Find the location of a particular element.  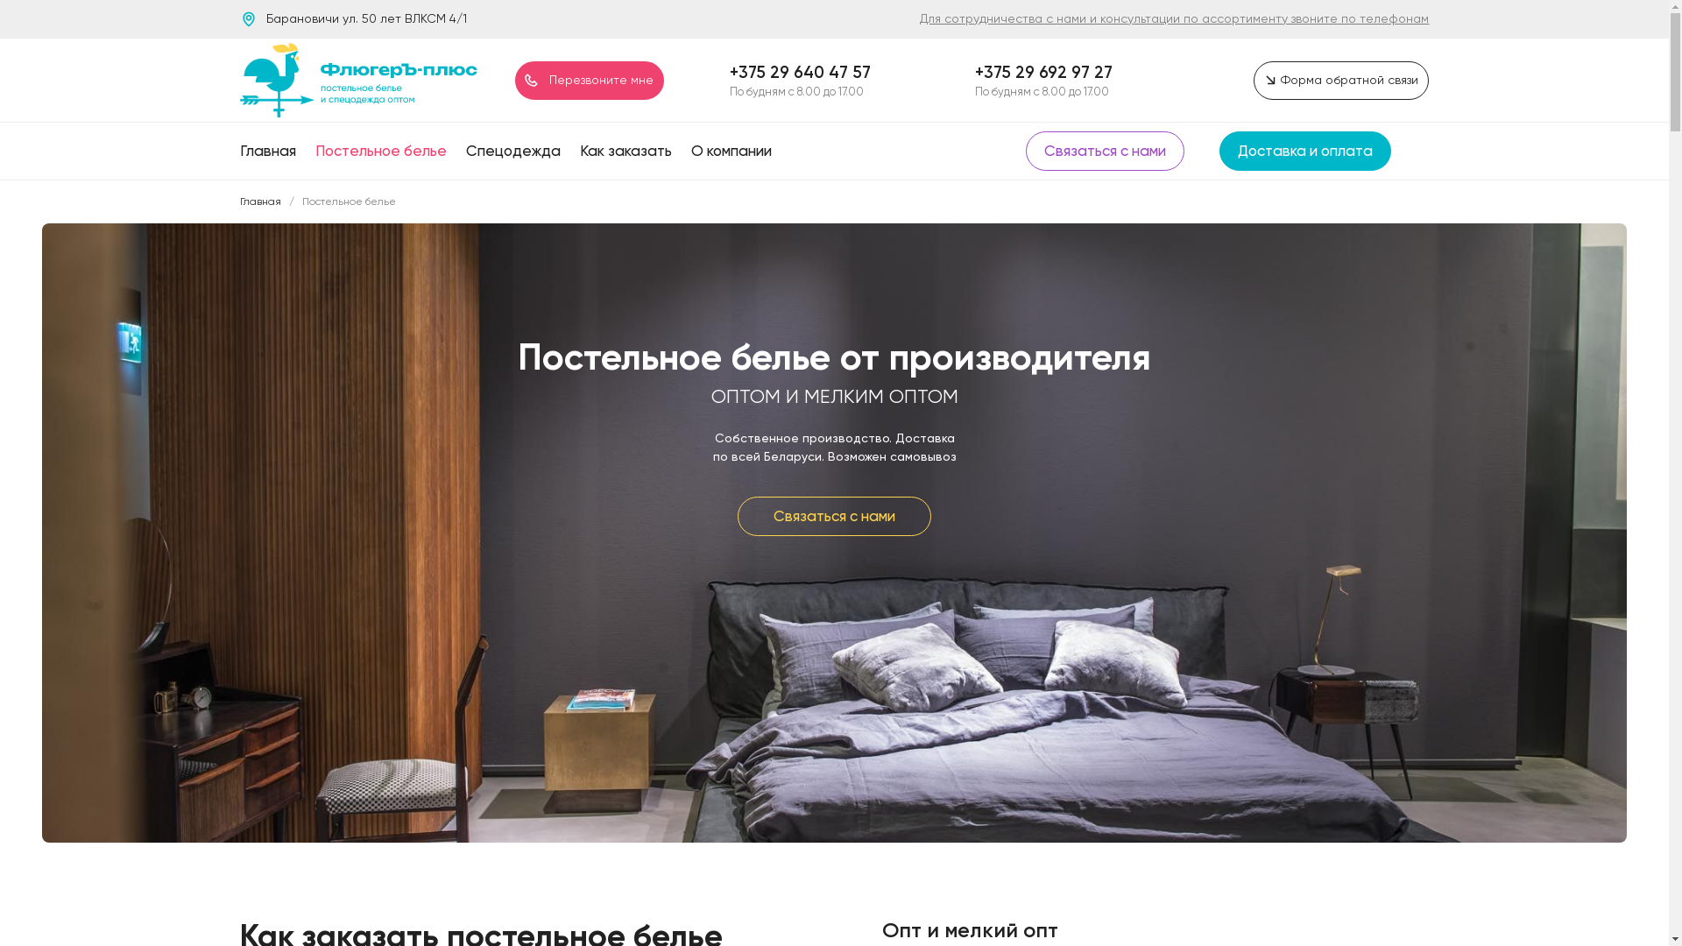

'+375 29 692 97 27' is located at coordinates (1043, 71).